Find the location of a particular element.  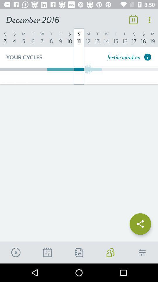

home page is located at coordinates (142, 252).